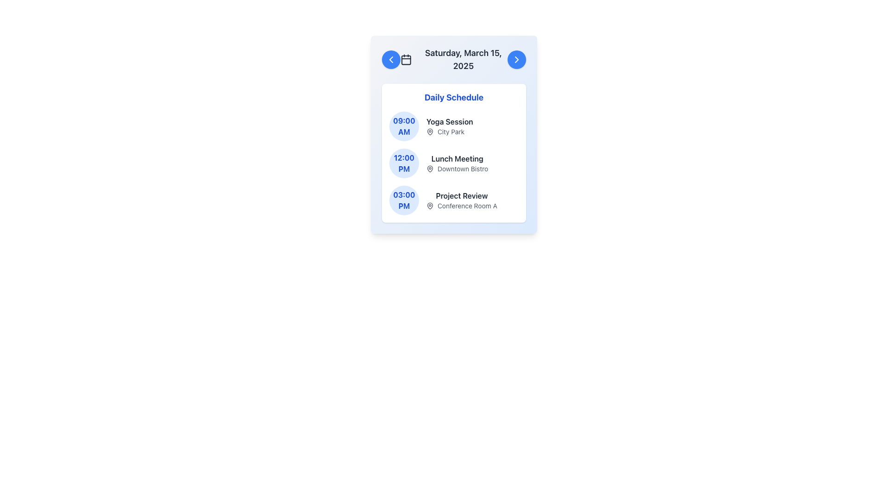 The image size is (890, 500). Describe the element at coordinates (457, 158) in the screenshot. I see `the 'Lunch Meeting' text label` at that location.